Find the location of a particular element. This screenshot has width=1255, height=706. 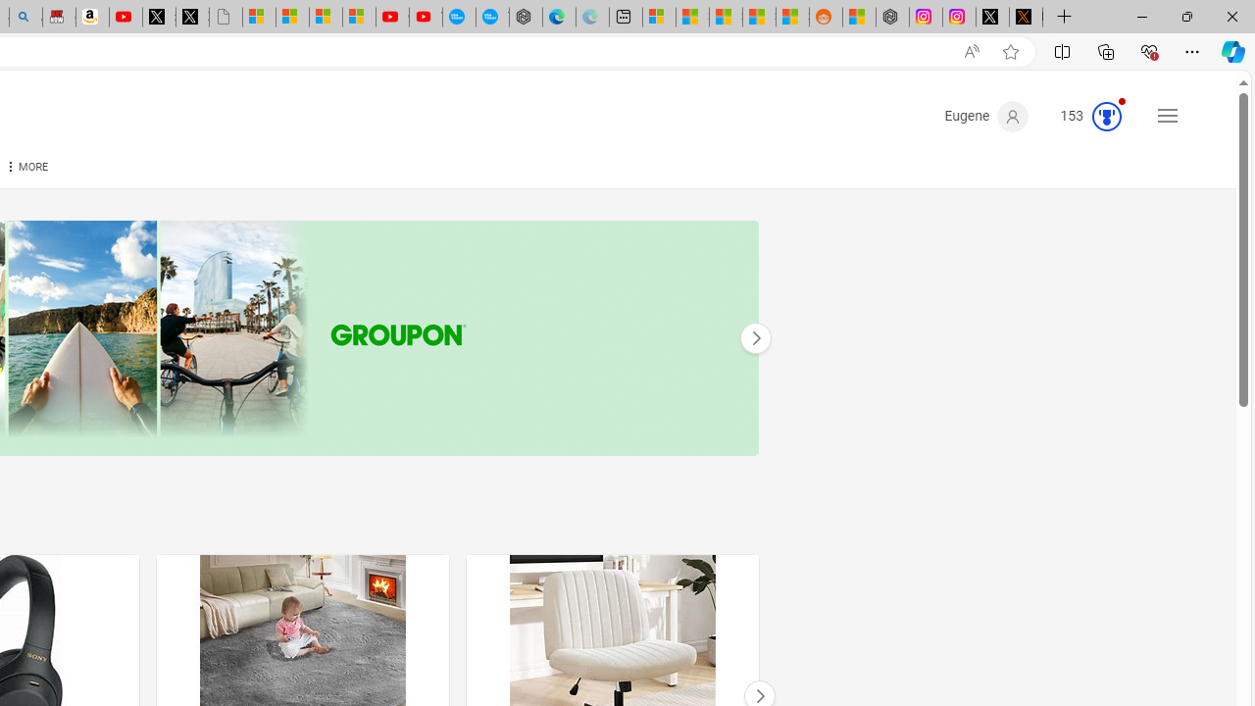

'Microsoft account | Microsoft Account Privacy Settings' is located at coordinates (659, 17).